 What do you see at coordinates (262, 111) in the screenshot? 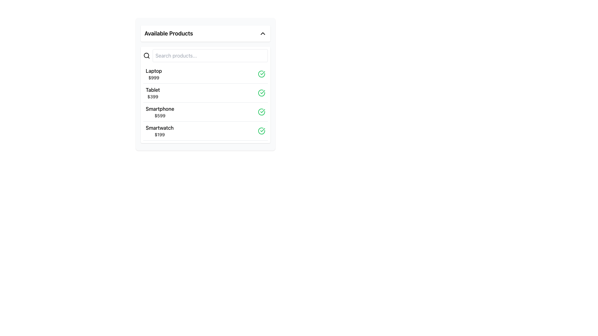
I see `the circular checkmark icon with a green border, located to the right of the 'Smartphone' label and price, which is the third icon in the list of available products` at bounding box center [262, 111].